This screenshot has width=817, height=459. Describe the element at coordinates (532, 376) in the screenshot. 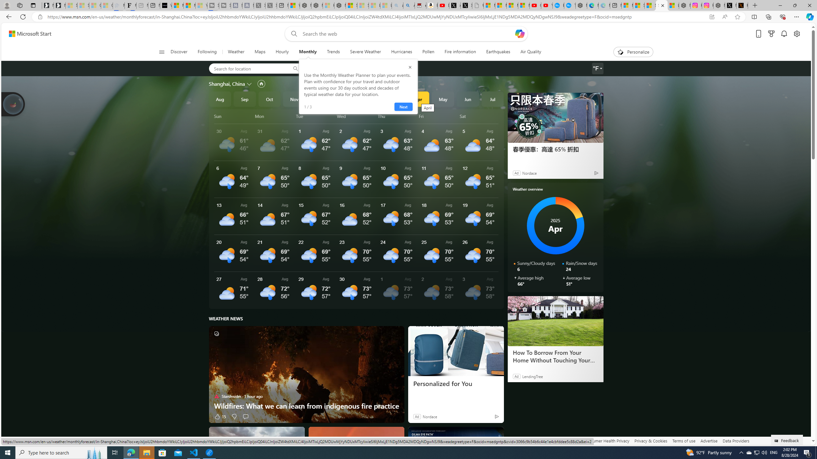

I see `'LendingTree'` at that location.